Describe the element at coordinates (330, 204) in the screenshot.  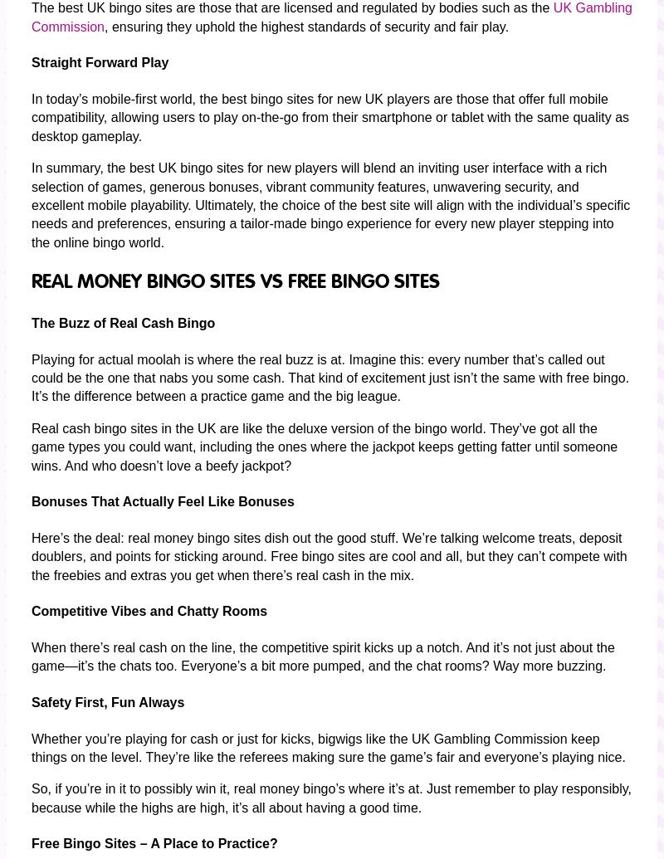
I see `'In summary, the best UK bingo sites for new players will blend an inviting user interface with a rich selection of games, generous bonuses, vibrant community features, unwavering security, and excellent mobile playability. Ultimately, the choice of the best site will align with the individual’s specific needs and preferences, ensuring a tailor-made bingo experience for every new player stepping into the online bingo world.'` at that location.